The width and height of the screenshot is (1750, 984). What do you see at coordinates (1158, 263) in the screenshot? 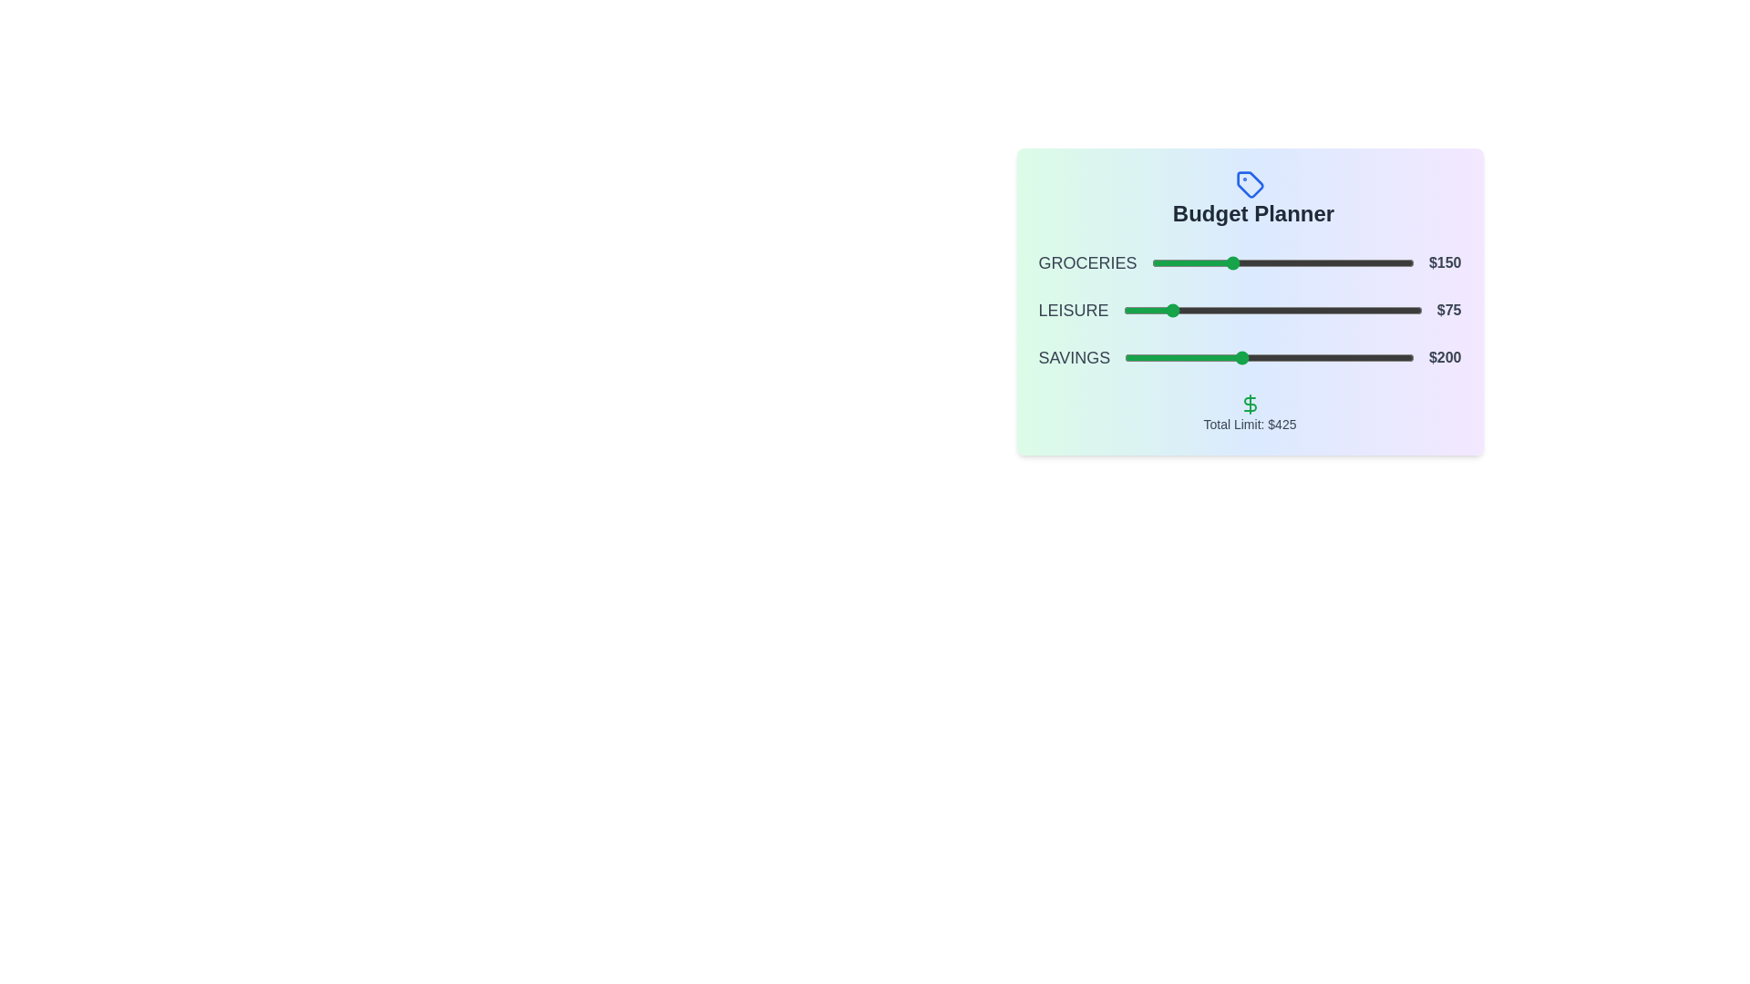
I see `the slider for 0 to 14` at bounding box center [1158, 263].